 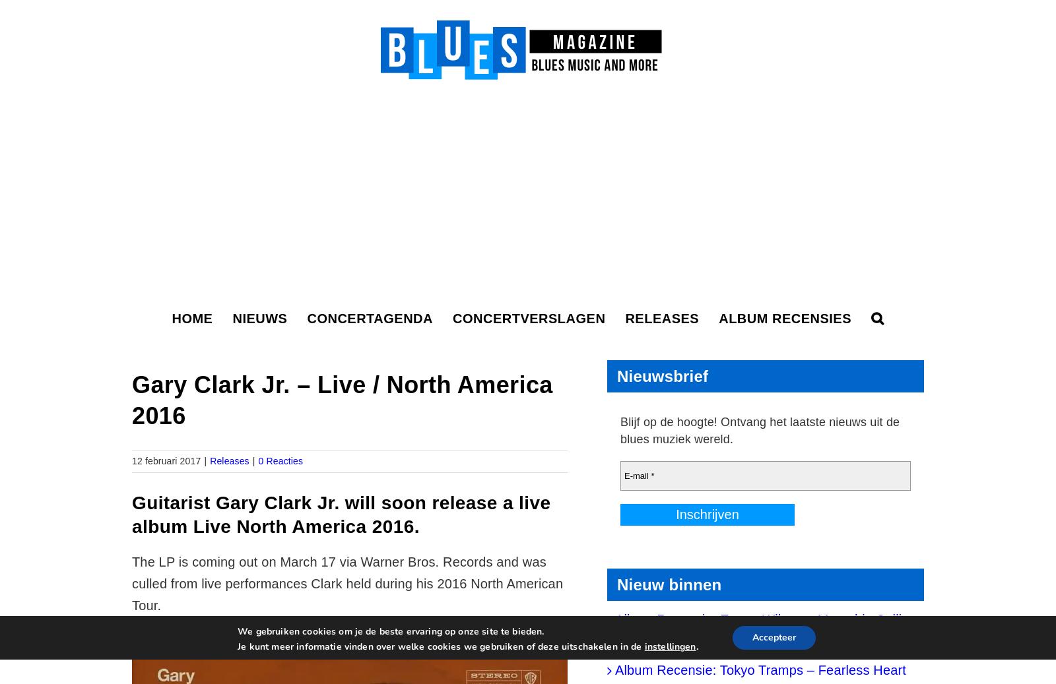 What do you see at coordinates (624, 318) in the screenshot?
I see `'RELEASES'` at bounding box center [624, 318].